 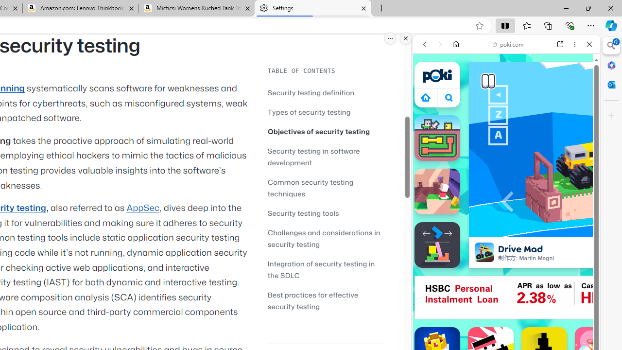 I want to click on 'Best practices for effective security testing', so click(x=313, y=300).